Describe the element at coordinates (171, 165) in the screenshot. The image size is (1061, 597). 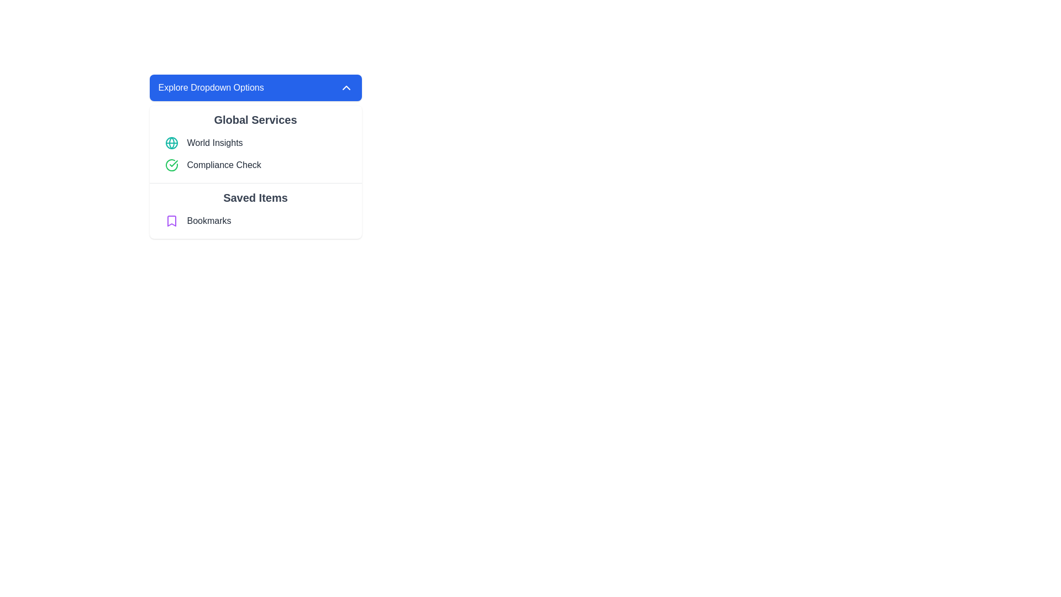
I see `the visual indicator icon positioned to the left of the 'Compliance Check' text within the dropdown menu for the 'Compliance Check' group` at that location.